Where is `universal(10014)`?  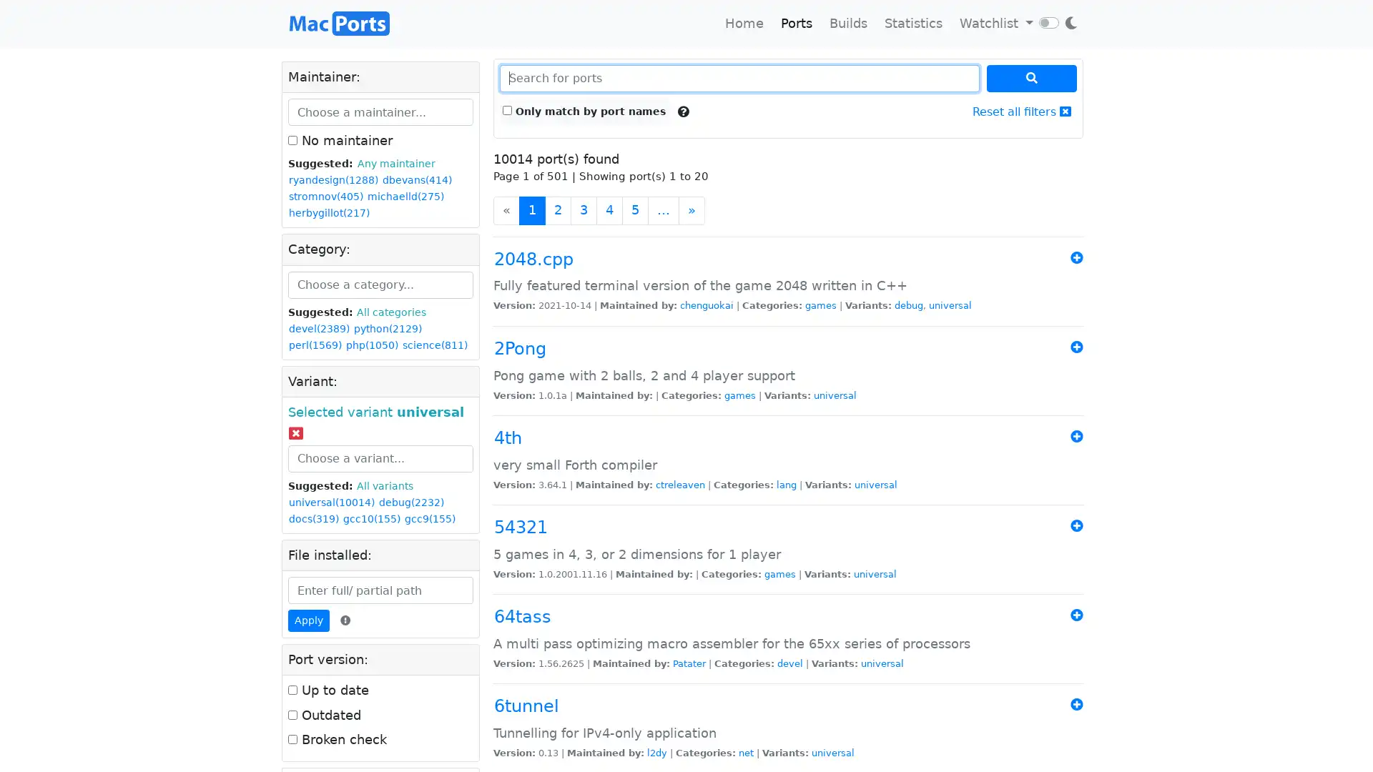 universal(10014) is located at coordinates (331, 501).